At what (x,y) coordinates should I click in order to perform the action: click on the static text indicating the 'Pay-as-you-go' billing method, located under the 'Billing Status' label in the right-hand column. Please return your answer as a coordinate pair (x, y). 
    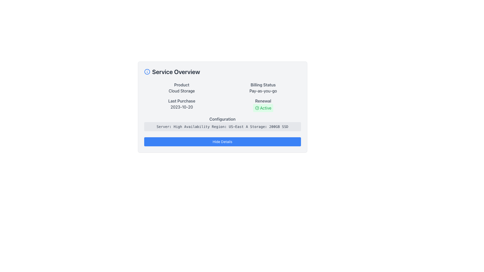
    Looking at the image, I should click on (263, 91).